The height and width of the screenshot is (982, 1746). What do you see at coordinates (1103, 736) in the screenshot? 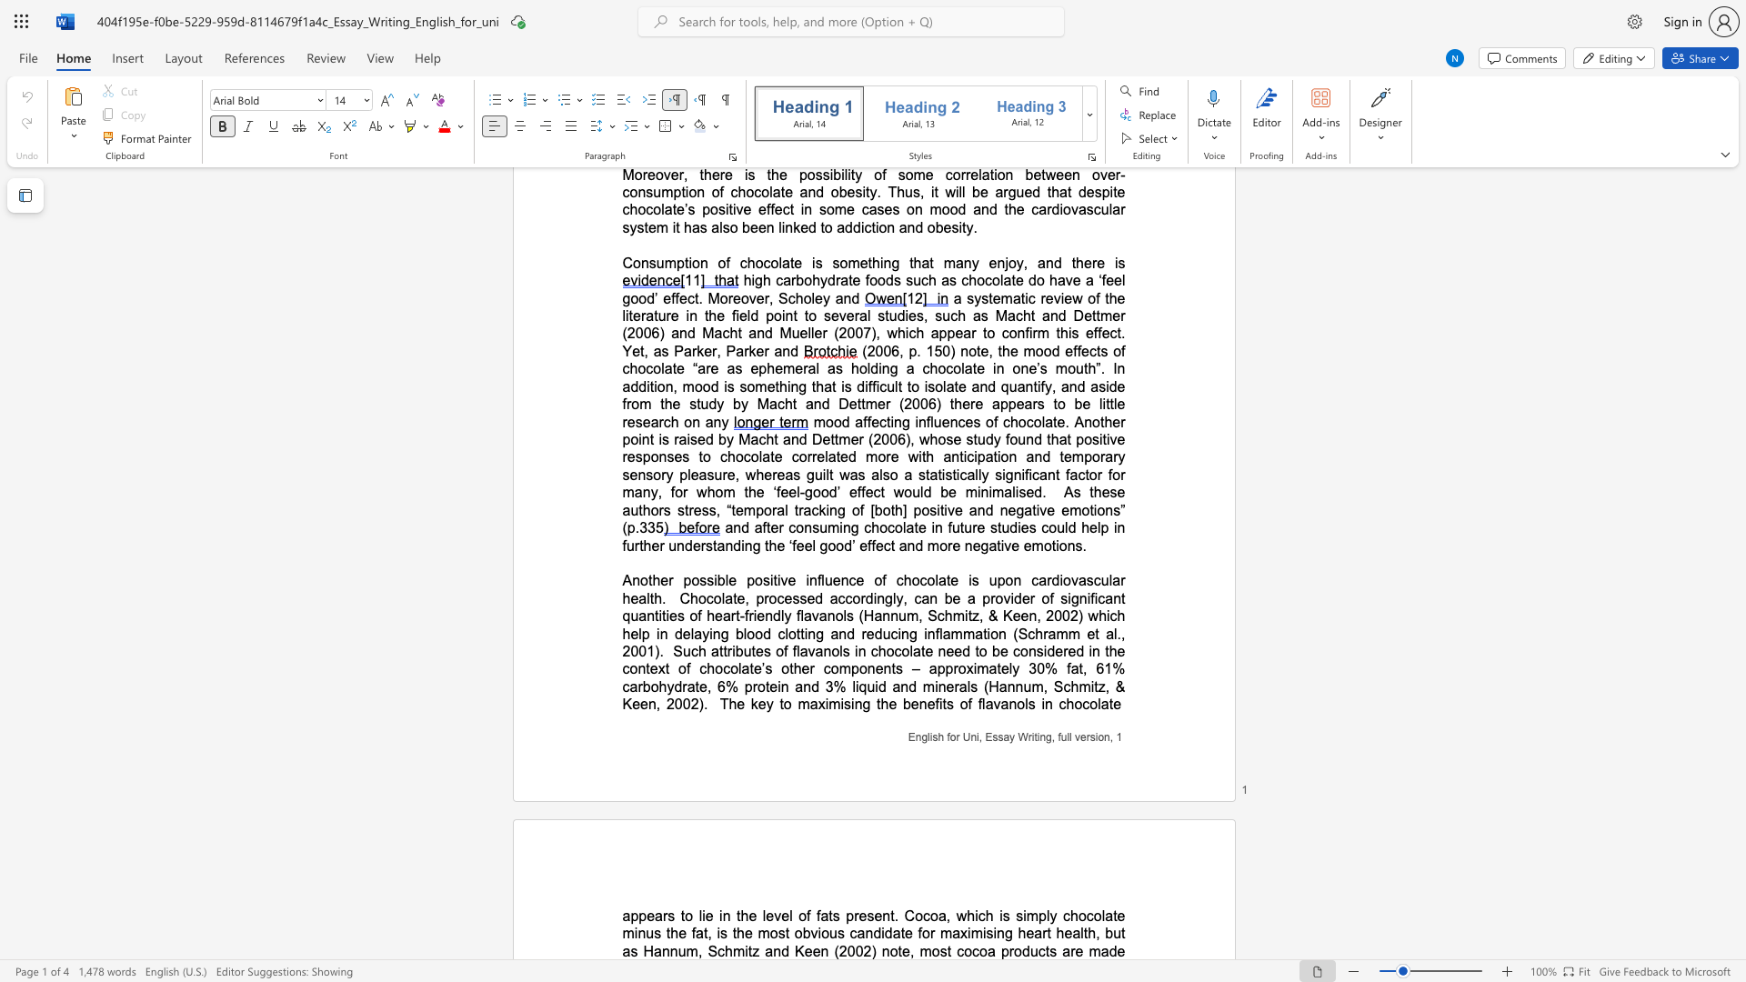
I see `the subset text "n," within the text "English for Uni, Essay Writing, full version,"` at bounding box center [1103, 736].